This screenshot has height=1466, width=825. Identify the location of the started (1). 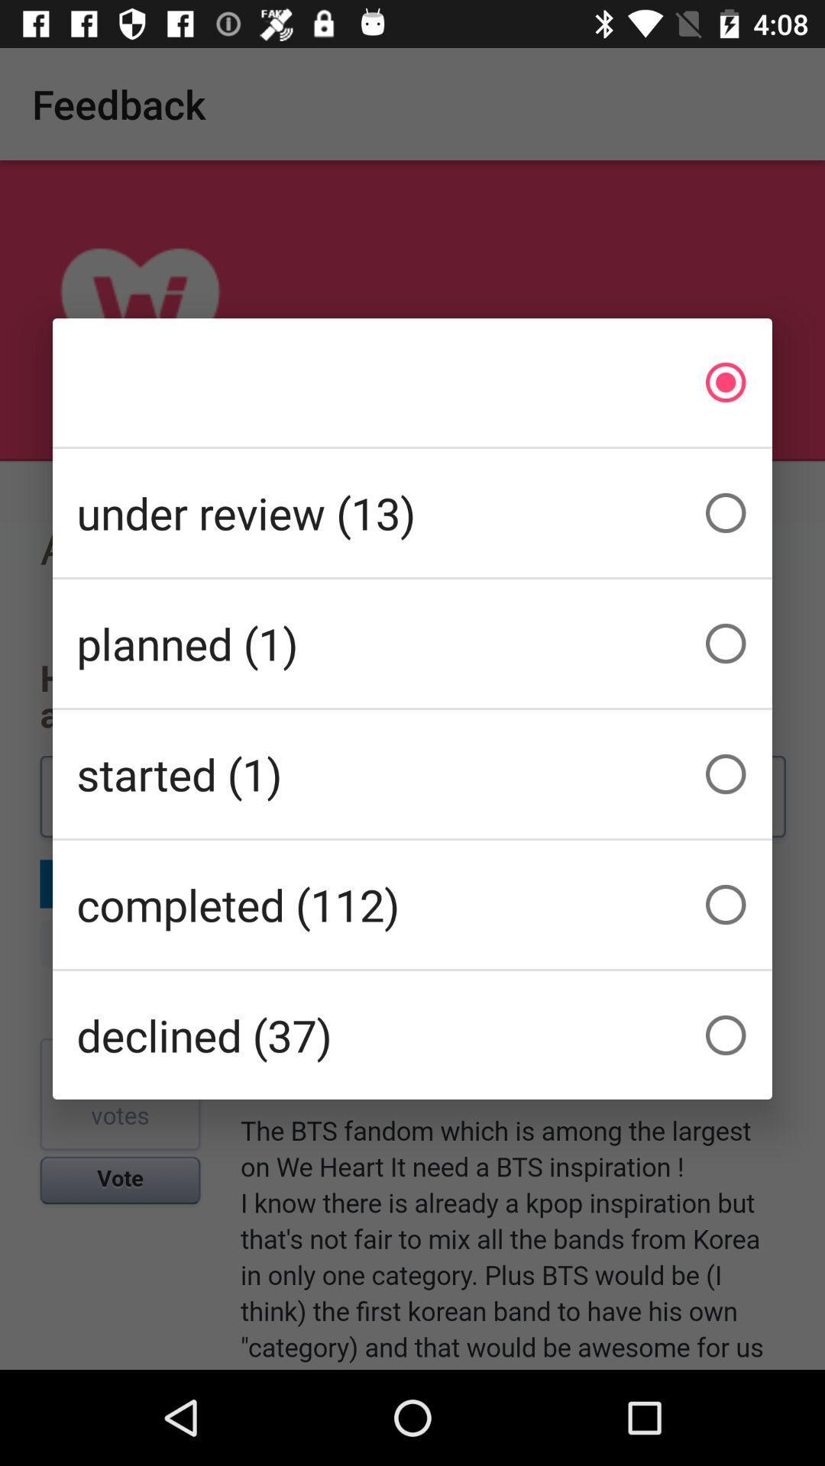
(412, 773).